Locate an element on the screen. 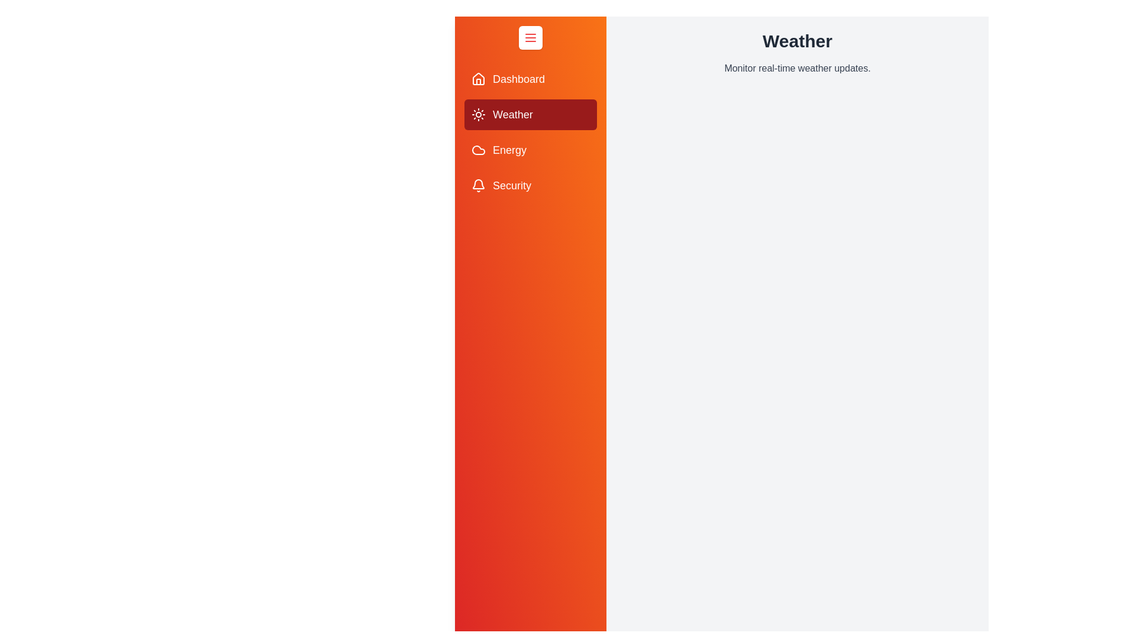  the Energy section from the drawer menu is located at coordinates (530, 150).